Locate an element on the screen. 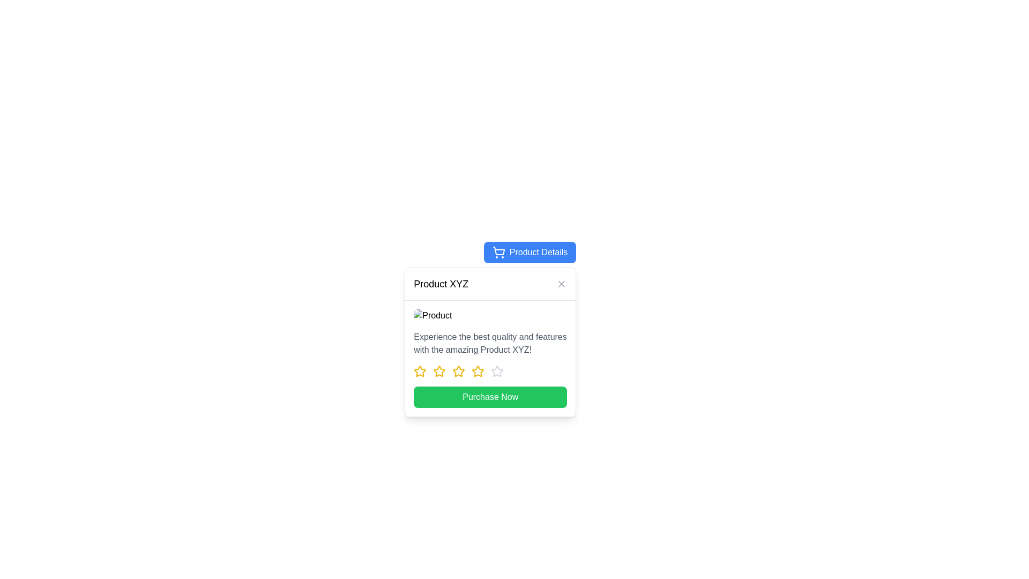 This screenshot has width=1029, height=579. the fourth star icon to indicate a four-star rating for 'Product XYZ' in the rating section is located at coordinates (496, 370).